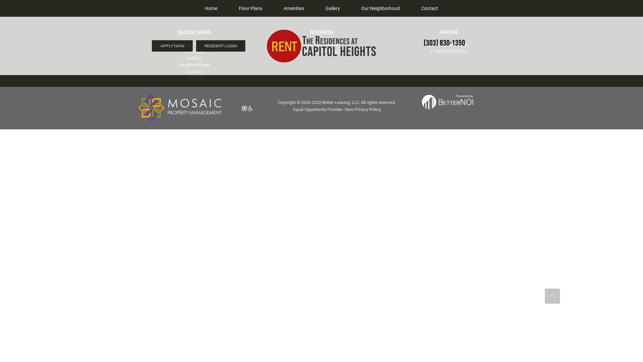  I want to click on 'Privacy Policy', so click(367, 109).